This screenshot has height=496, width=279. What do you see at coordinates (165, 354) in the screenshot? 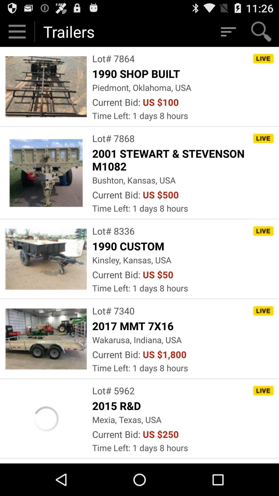
I see `the item to the right of current bid:  app` at bounding box center [165, 354].